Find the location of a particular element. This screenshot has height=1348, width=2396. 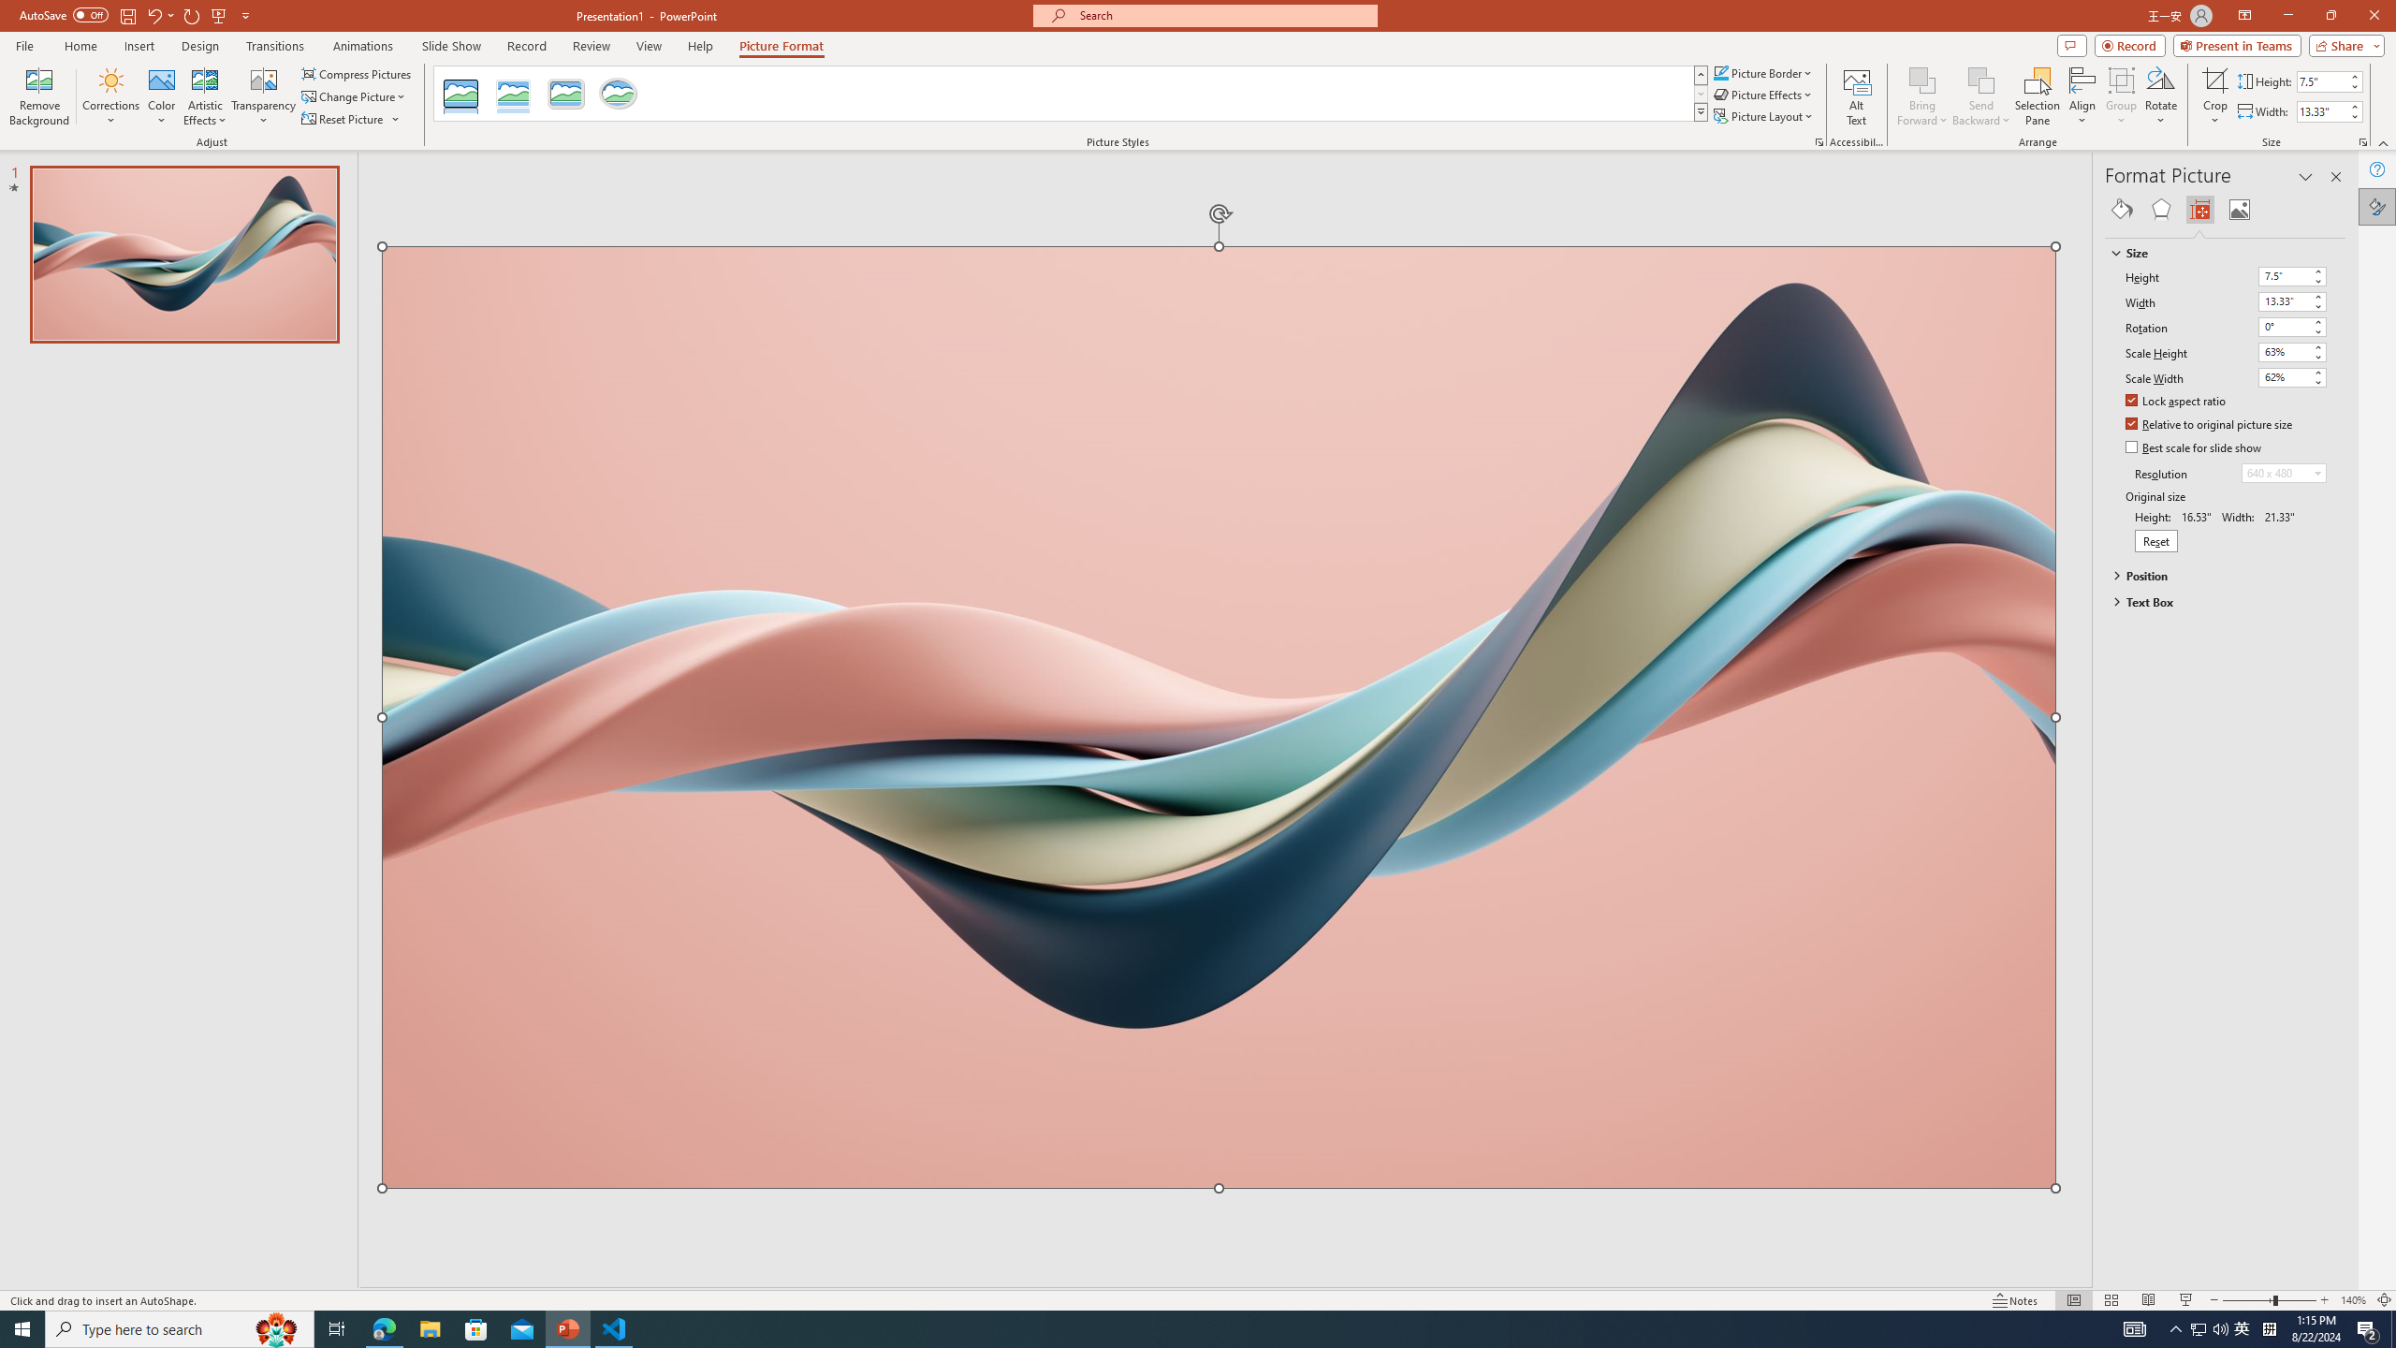

'Bring Forward' is located at coordinates (1922, 96).